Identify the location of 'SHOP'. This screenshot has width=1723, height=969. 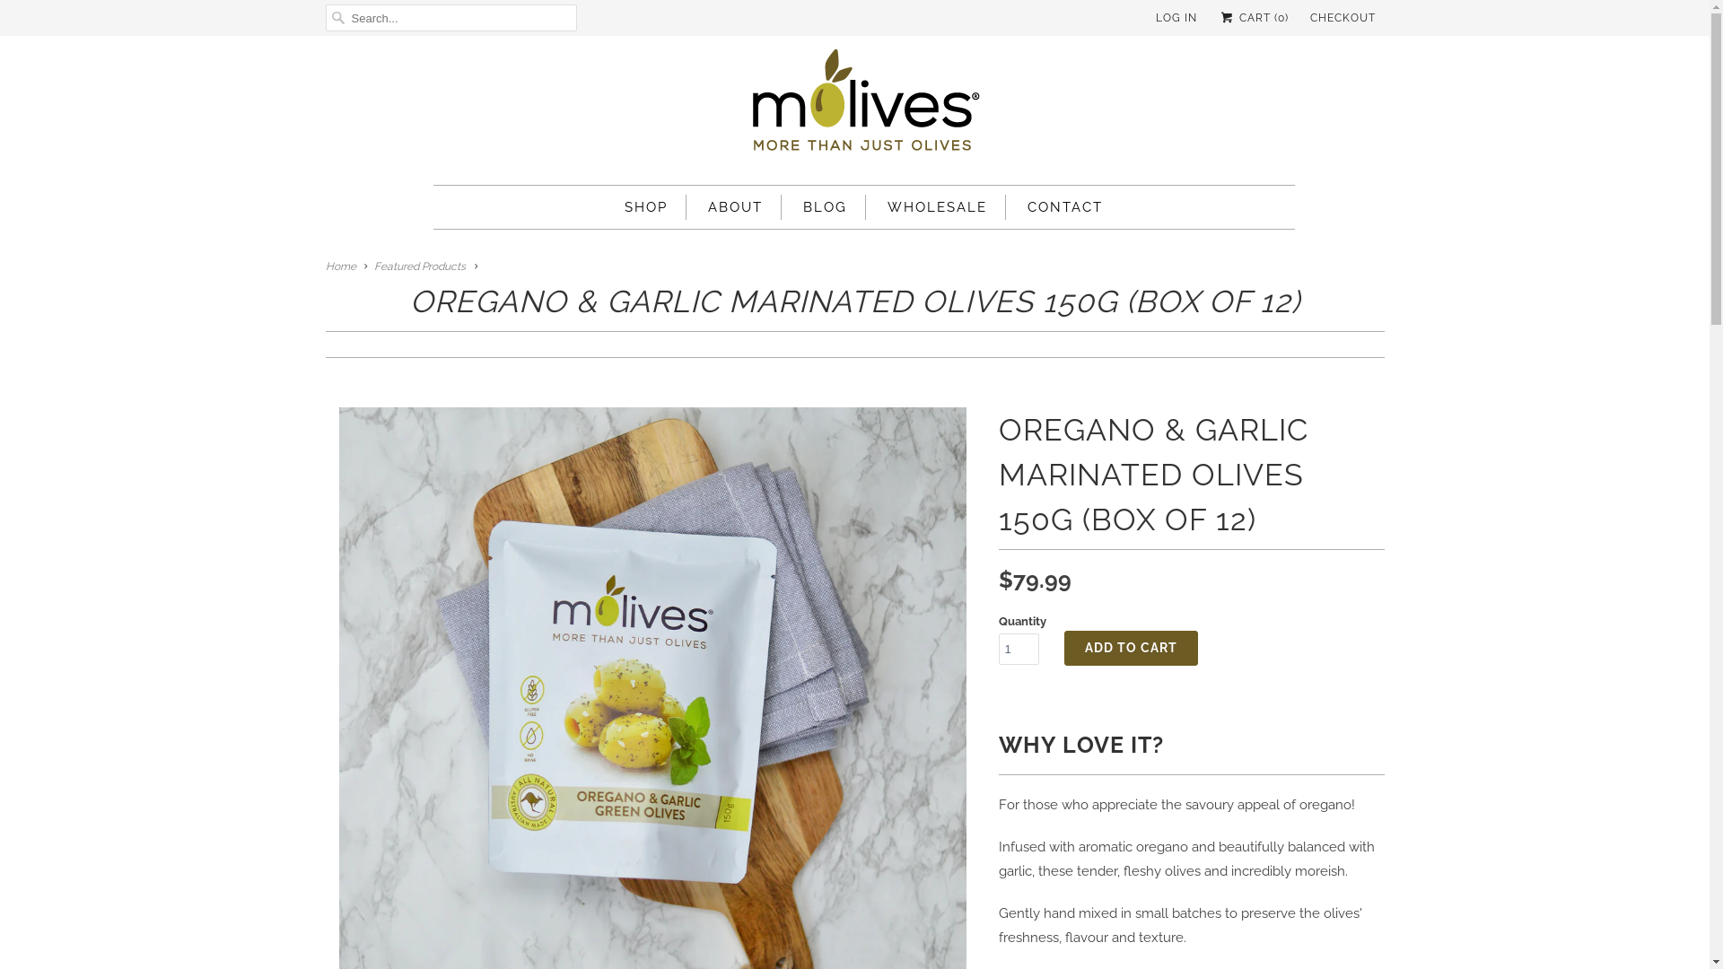
(646, 206).